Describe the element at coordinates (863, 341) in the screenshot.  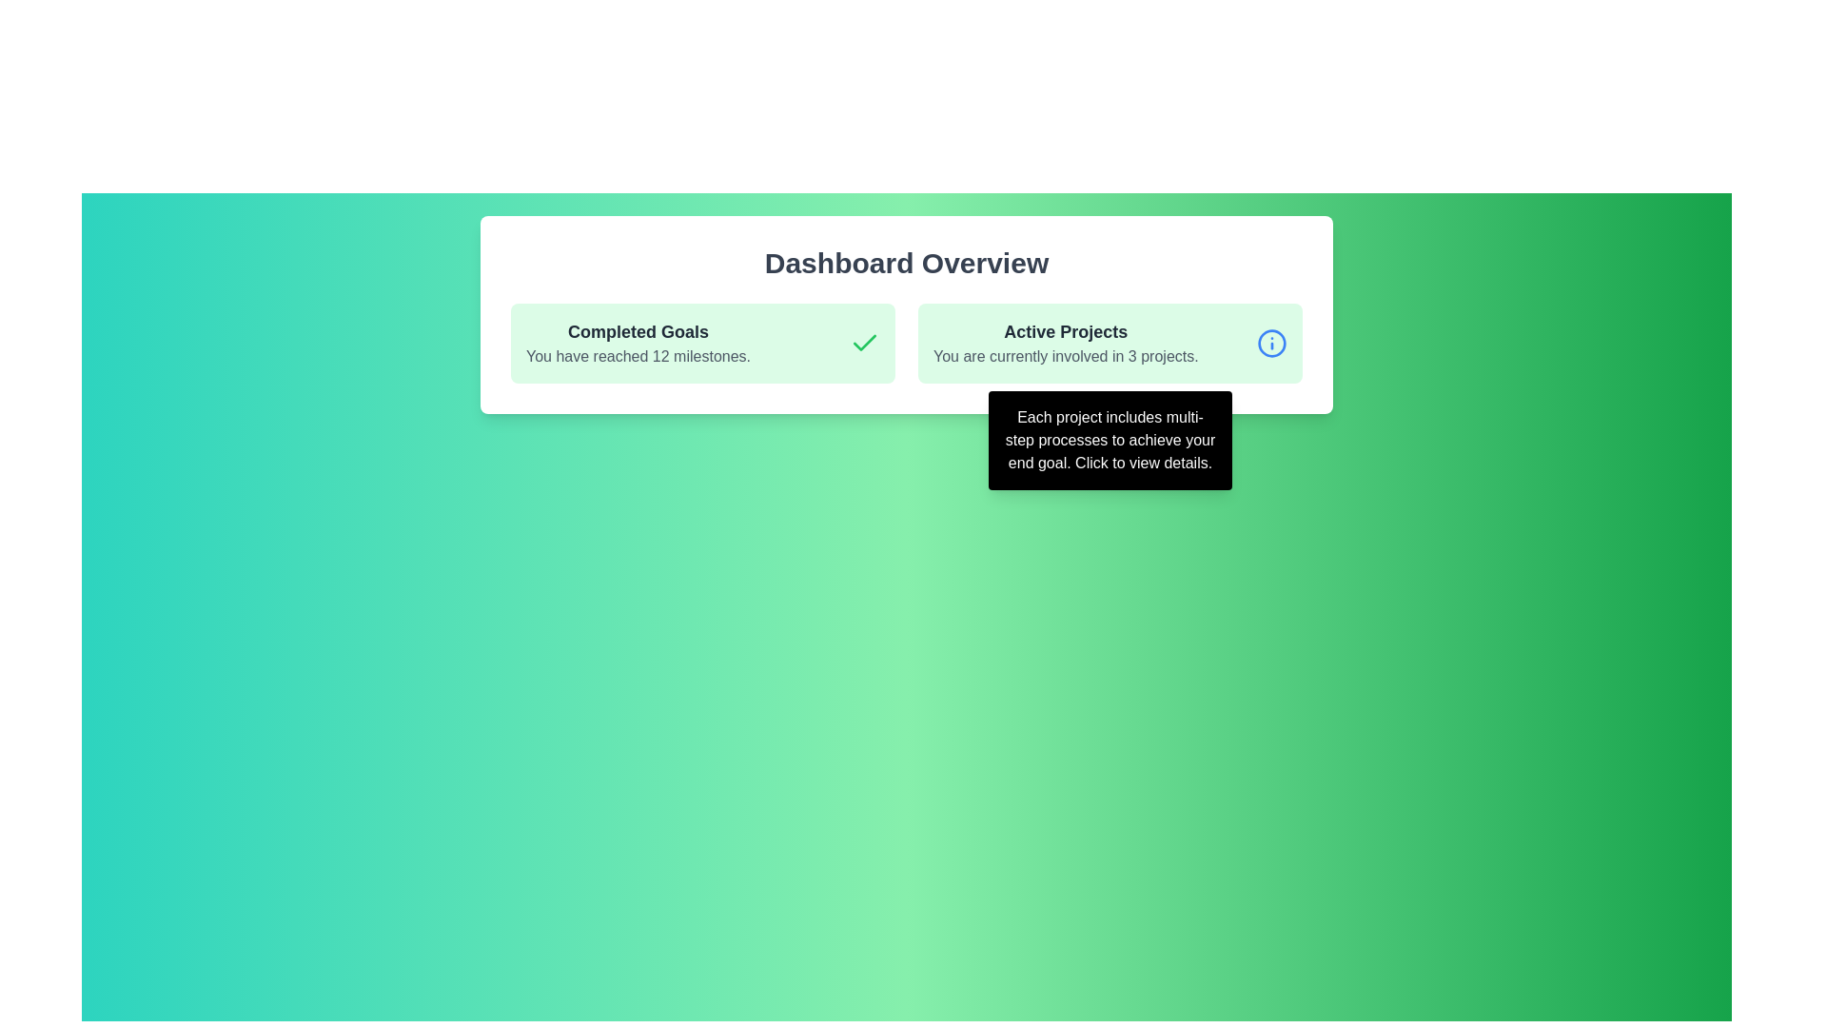
I see `the checkmark icon in the 'Completed Goals' section of the dashboard to indicate the completion of associated goals or milestones` at that location.